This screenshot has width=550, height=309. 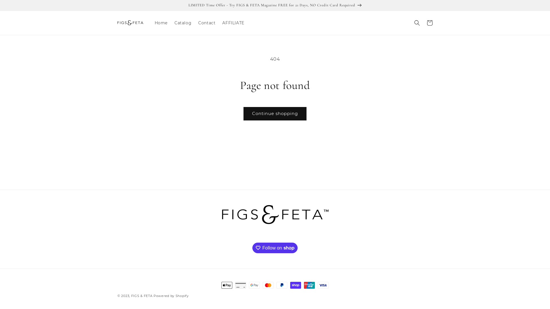 I want to click on 'Home', so click(x=161, y=23).